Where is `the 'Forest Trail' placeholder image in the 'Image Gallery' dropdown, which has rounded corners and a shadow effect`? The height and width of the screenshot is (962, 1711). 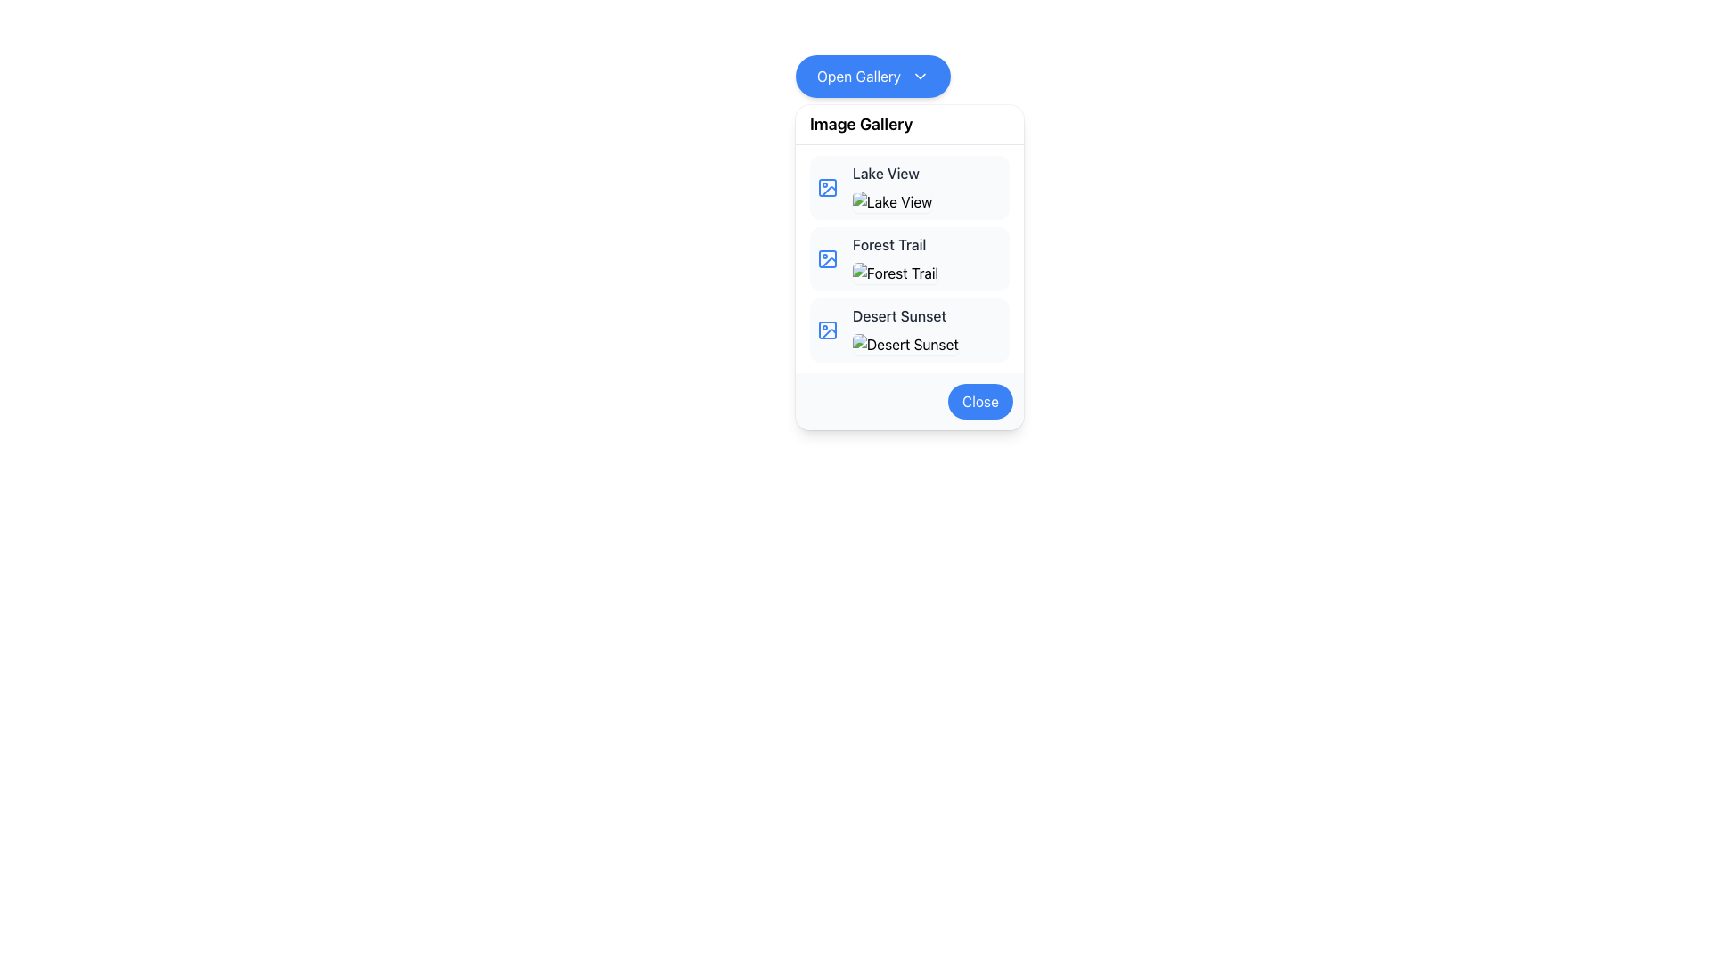 the 'Forest Trail' placeholder image in the 'Image Gallery' dropdown, which has rounded corners and a shadow effect is located at coordinates (896, 273).